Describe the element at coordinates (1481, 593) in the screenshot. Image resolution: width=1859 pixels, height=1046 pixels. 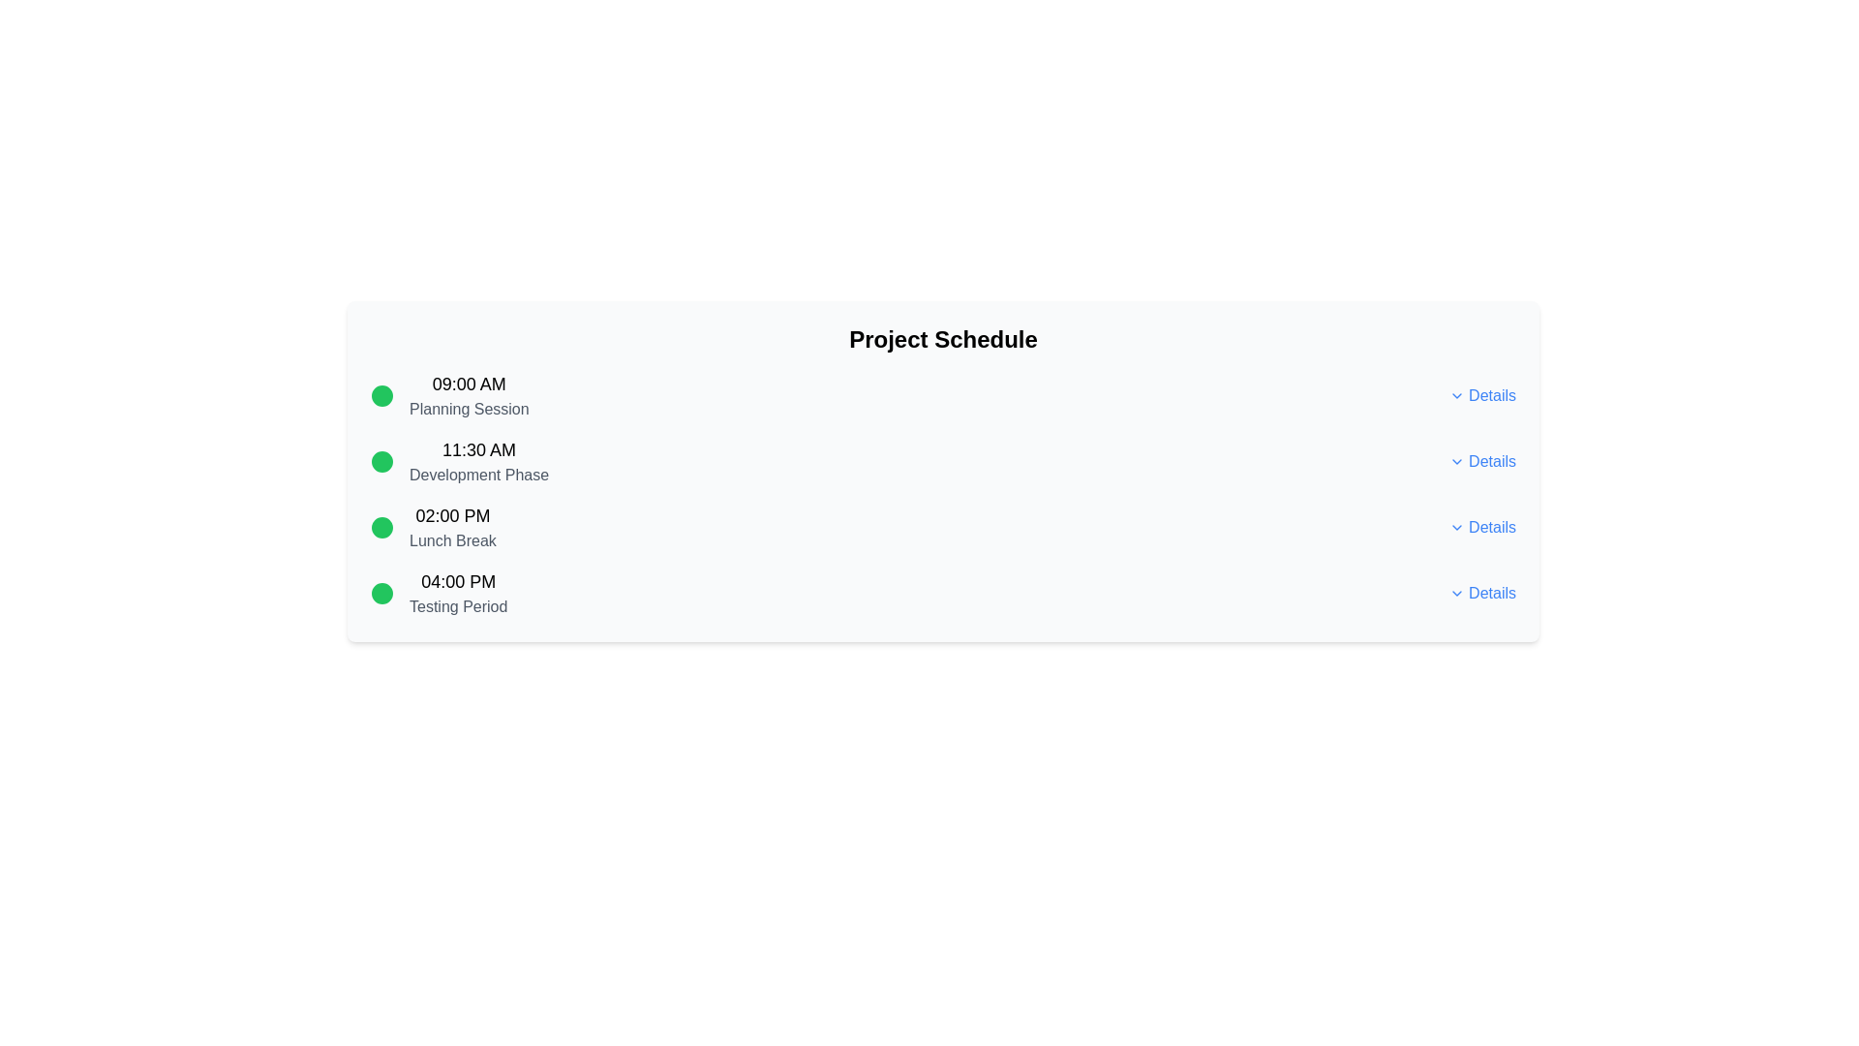
I see `the button on the far right of the '04:00 PM' event labeled 'Testing Period'` at that location.